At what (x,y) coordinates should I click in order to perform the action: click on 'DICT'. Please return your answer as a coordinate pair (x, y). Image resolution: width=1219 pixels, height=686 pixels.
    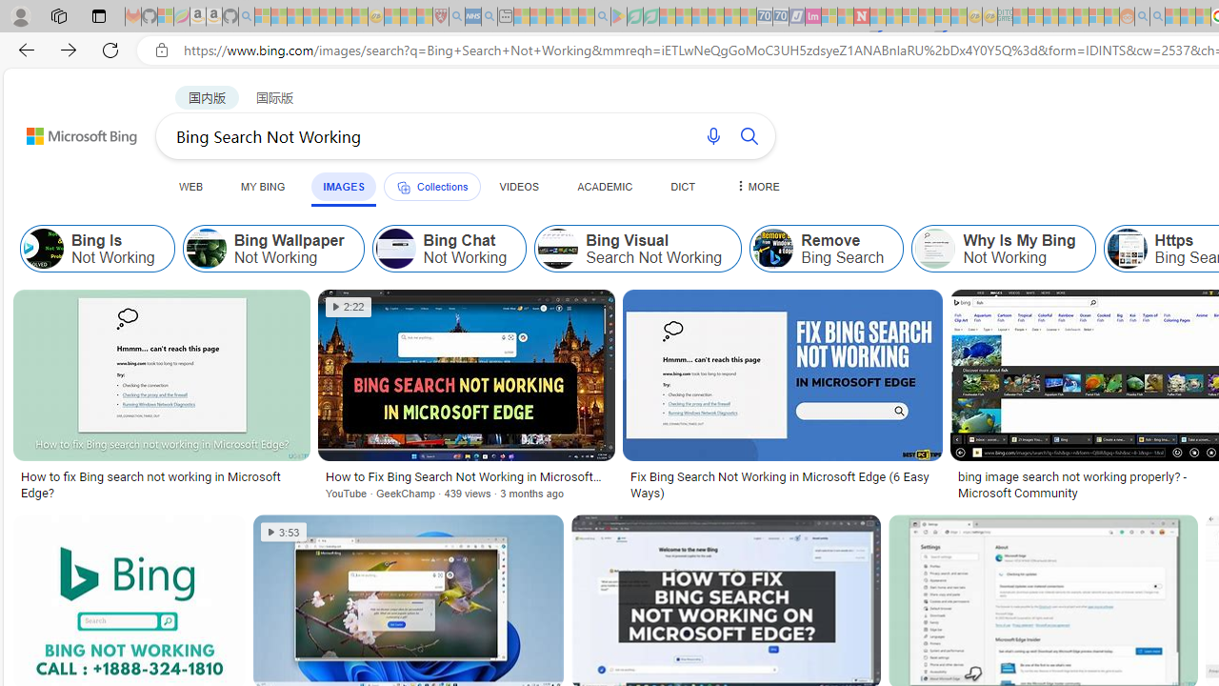
    Looking at the image, I should click on (683, 186).